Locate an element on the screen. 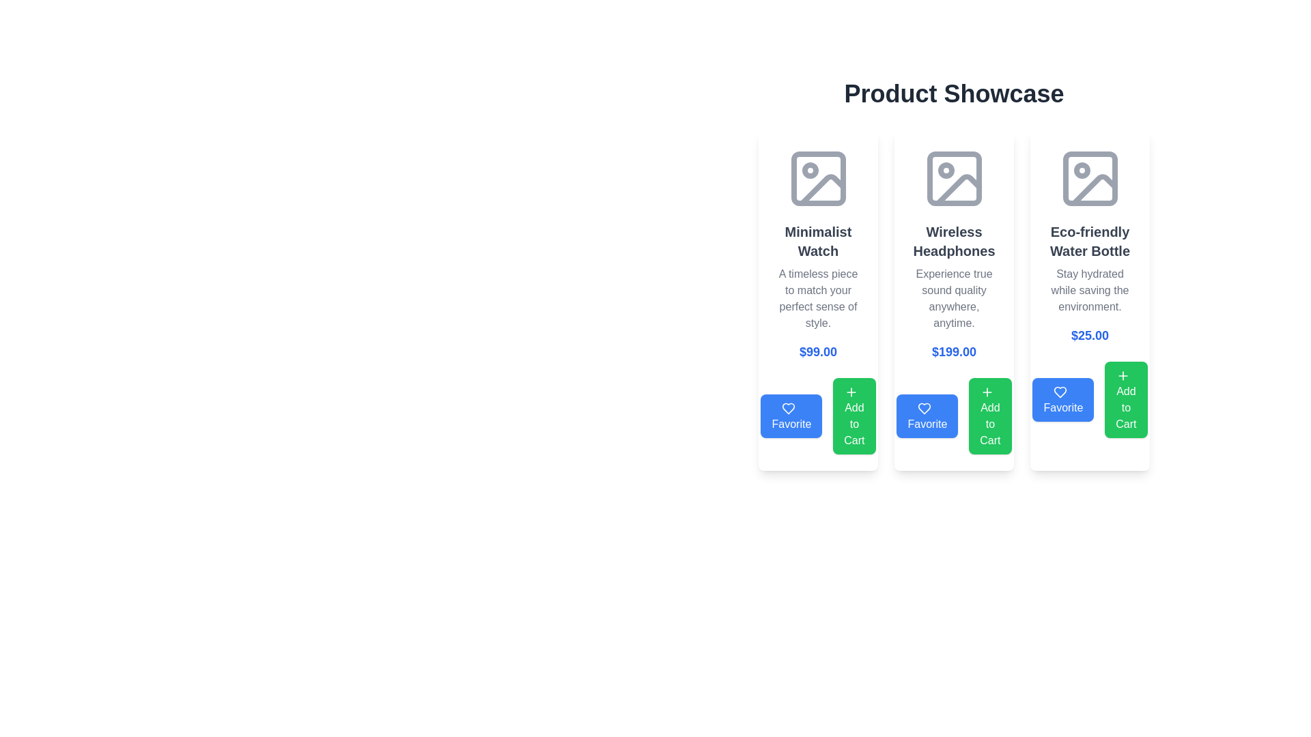 The height and width of the screenshot is (737, 1311). descriptive text label providing additional information about the 'Wireless Headphones' product, which is located below the title and above the price is located at coordinates (953, 298).